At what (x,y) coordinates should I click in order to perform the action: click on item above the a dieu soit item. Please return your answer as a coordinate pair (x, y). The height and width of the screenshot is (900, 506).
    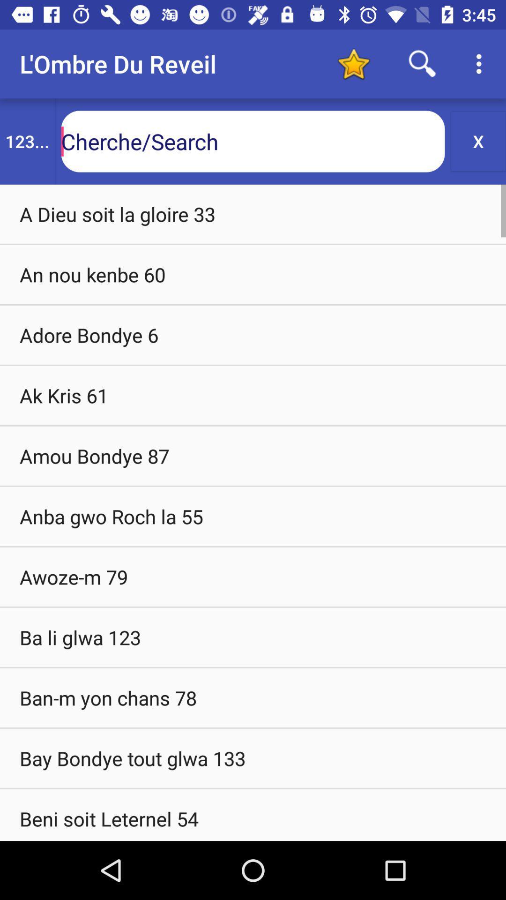
    Looking at the image, I should click on (478, 141).